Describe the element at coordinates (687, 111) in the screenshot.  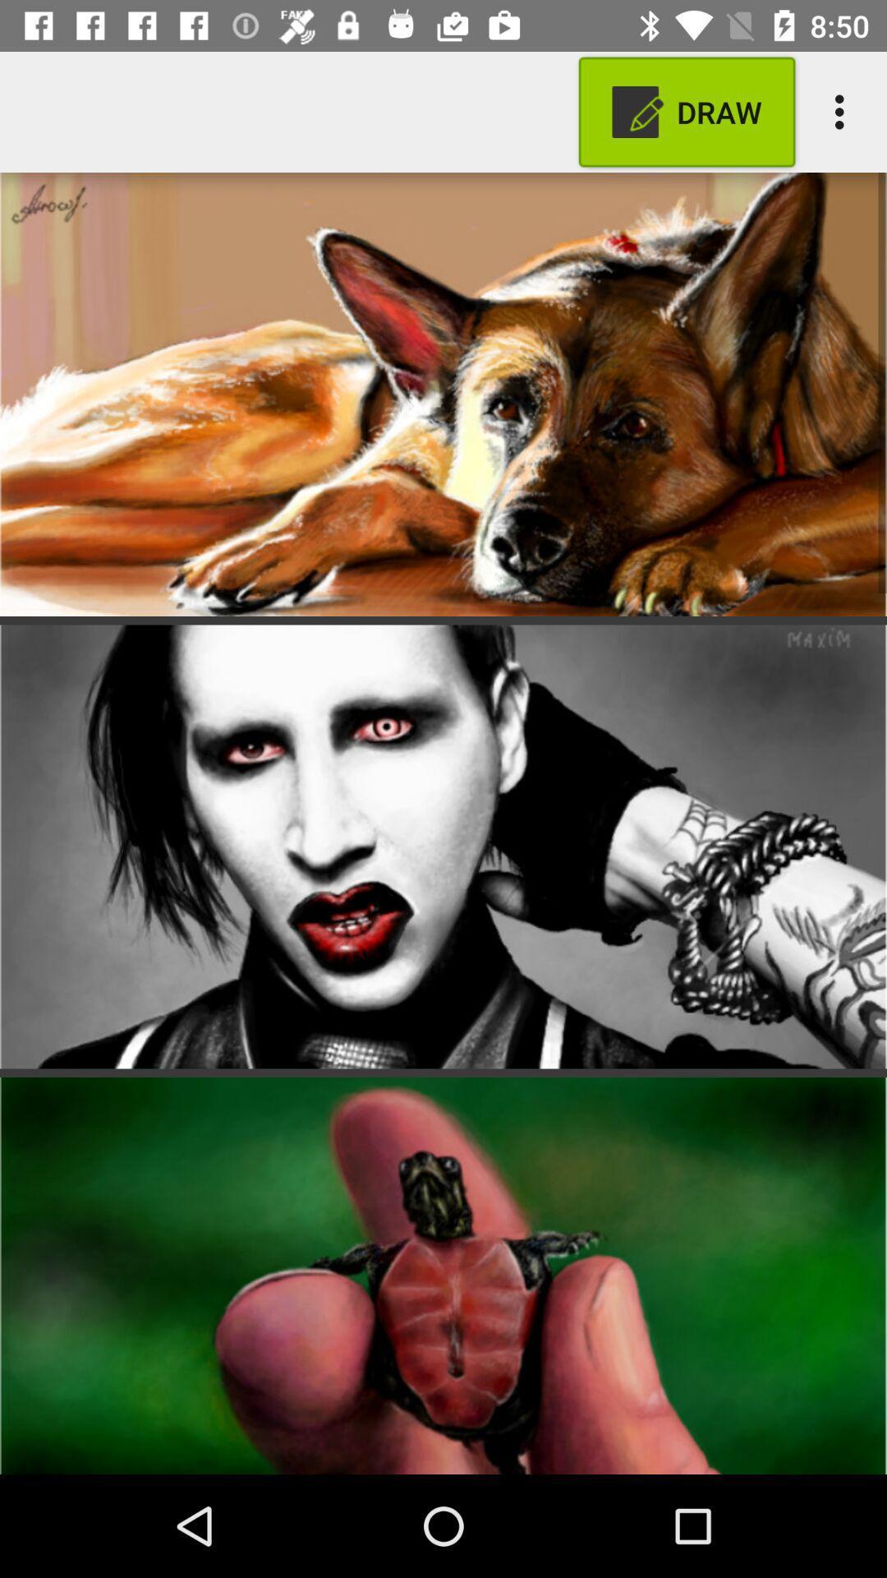
I see `draw` at that location.